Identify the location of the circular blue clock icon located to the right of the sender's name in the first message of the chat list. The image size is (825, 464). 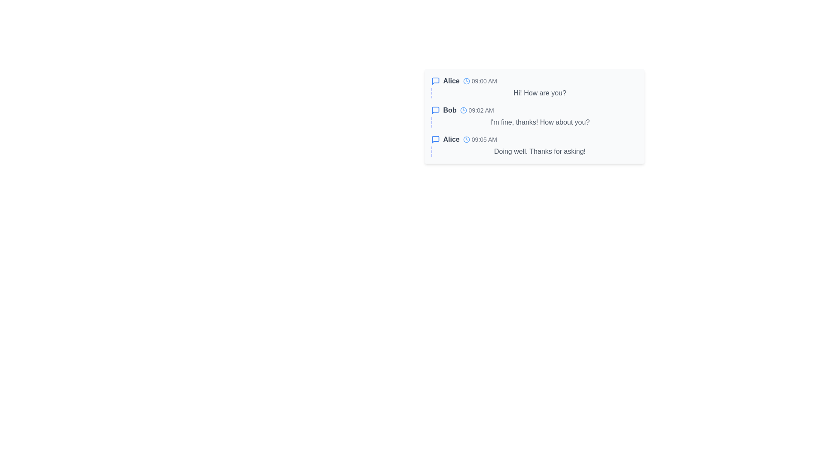
(466, 81).